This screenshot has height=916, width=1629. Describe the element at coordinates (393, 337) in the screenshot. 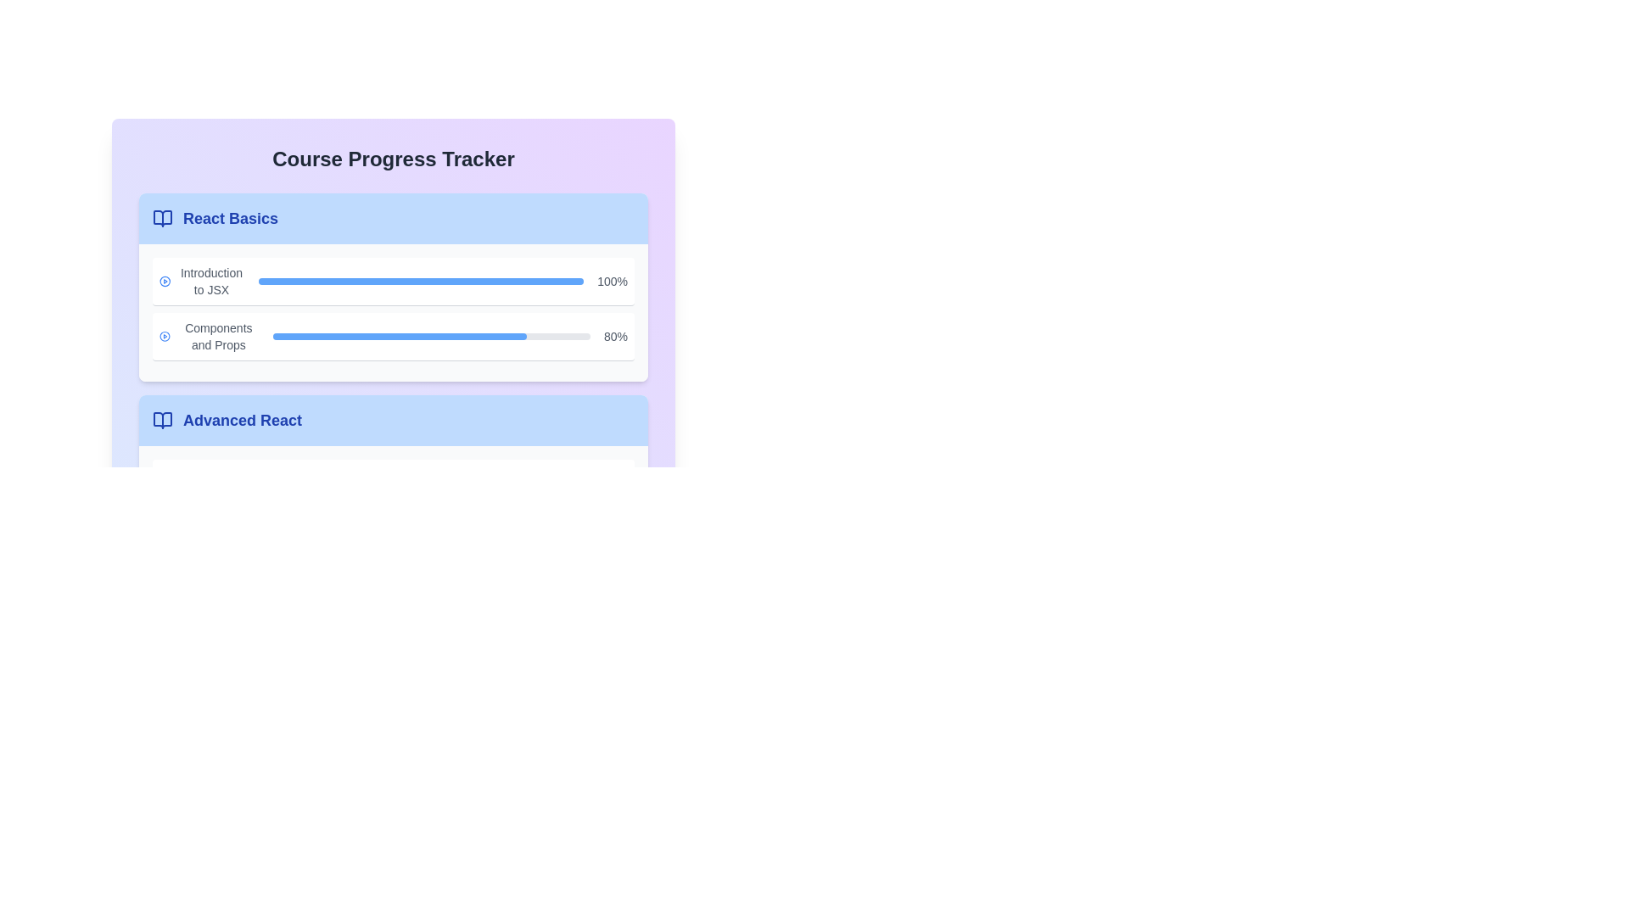

I see `progress value from the Progress indicator card located in the 'React Basics' section, which is the second card from the top, displaying the progression of the 'Components and Props' module` at that location.